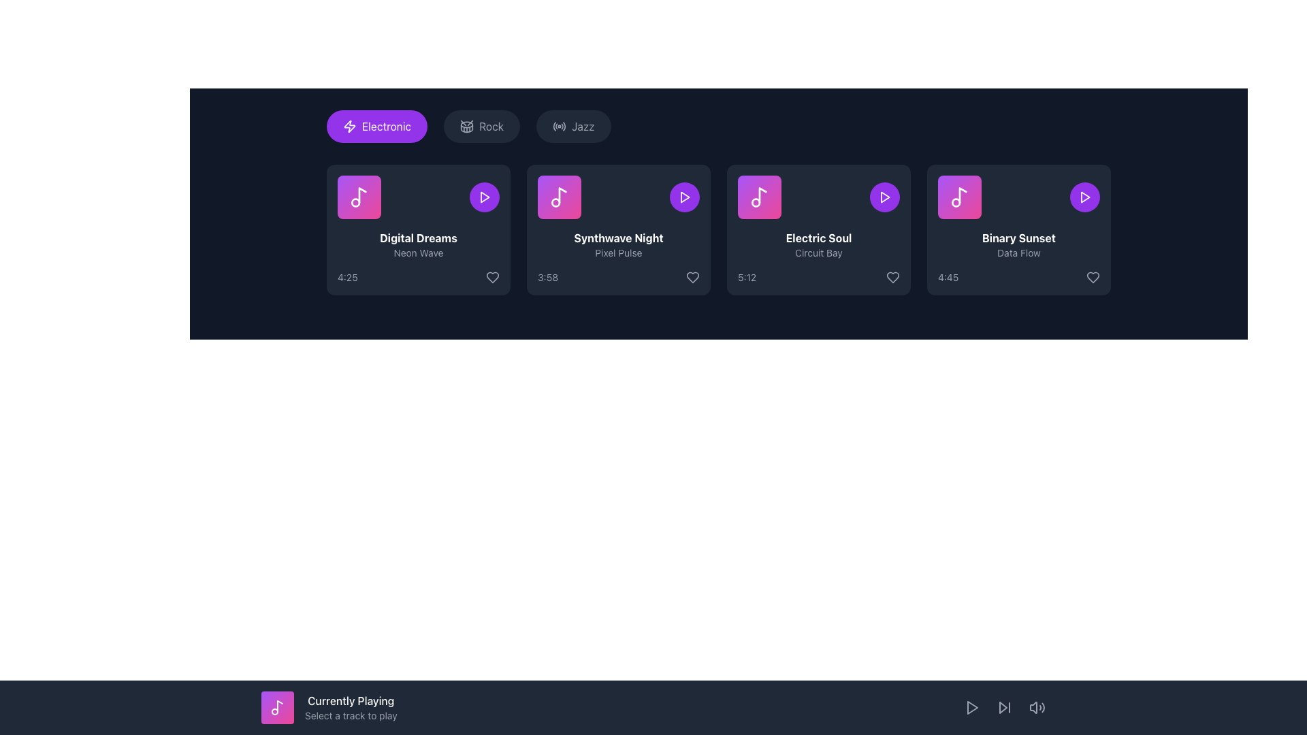 The image size is (1307, 735). Describe the element at coordinates (685, 197) in the screenshot. I see `the circular button at the top-right corner of the 'Synthwave Night' track card to play the track` at that location.